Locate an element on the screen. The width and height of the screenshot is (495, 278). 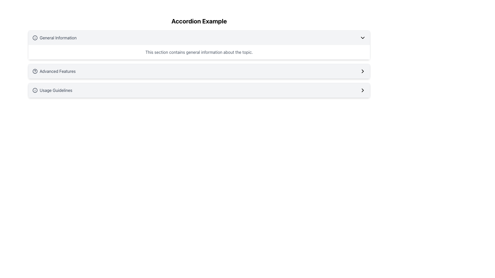
the right-pointing arrow icon button located at the far right end of the 'Usage Guidelines' entry is located at coordinates (362, 90).